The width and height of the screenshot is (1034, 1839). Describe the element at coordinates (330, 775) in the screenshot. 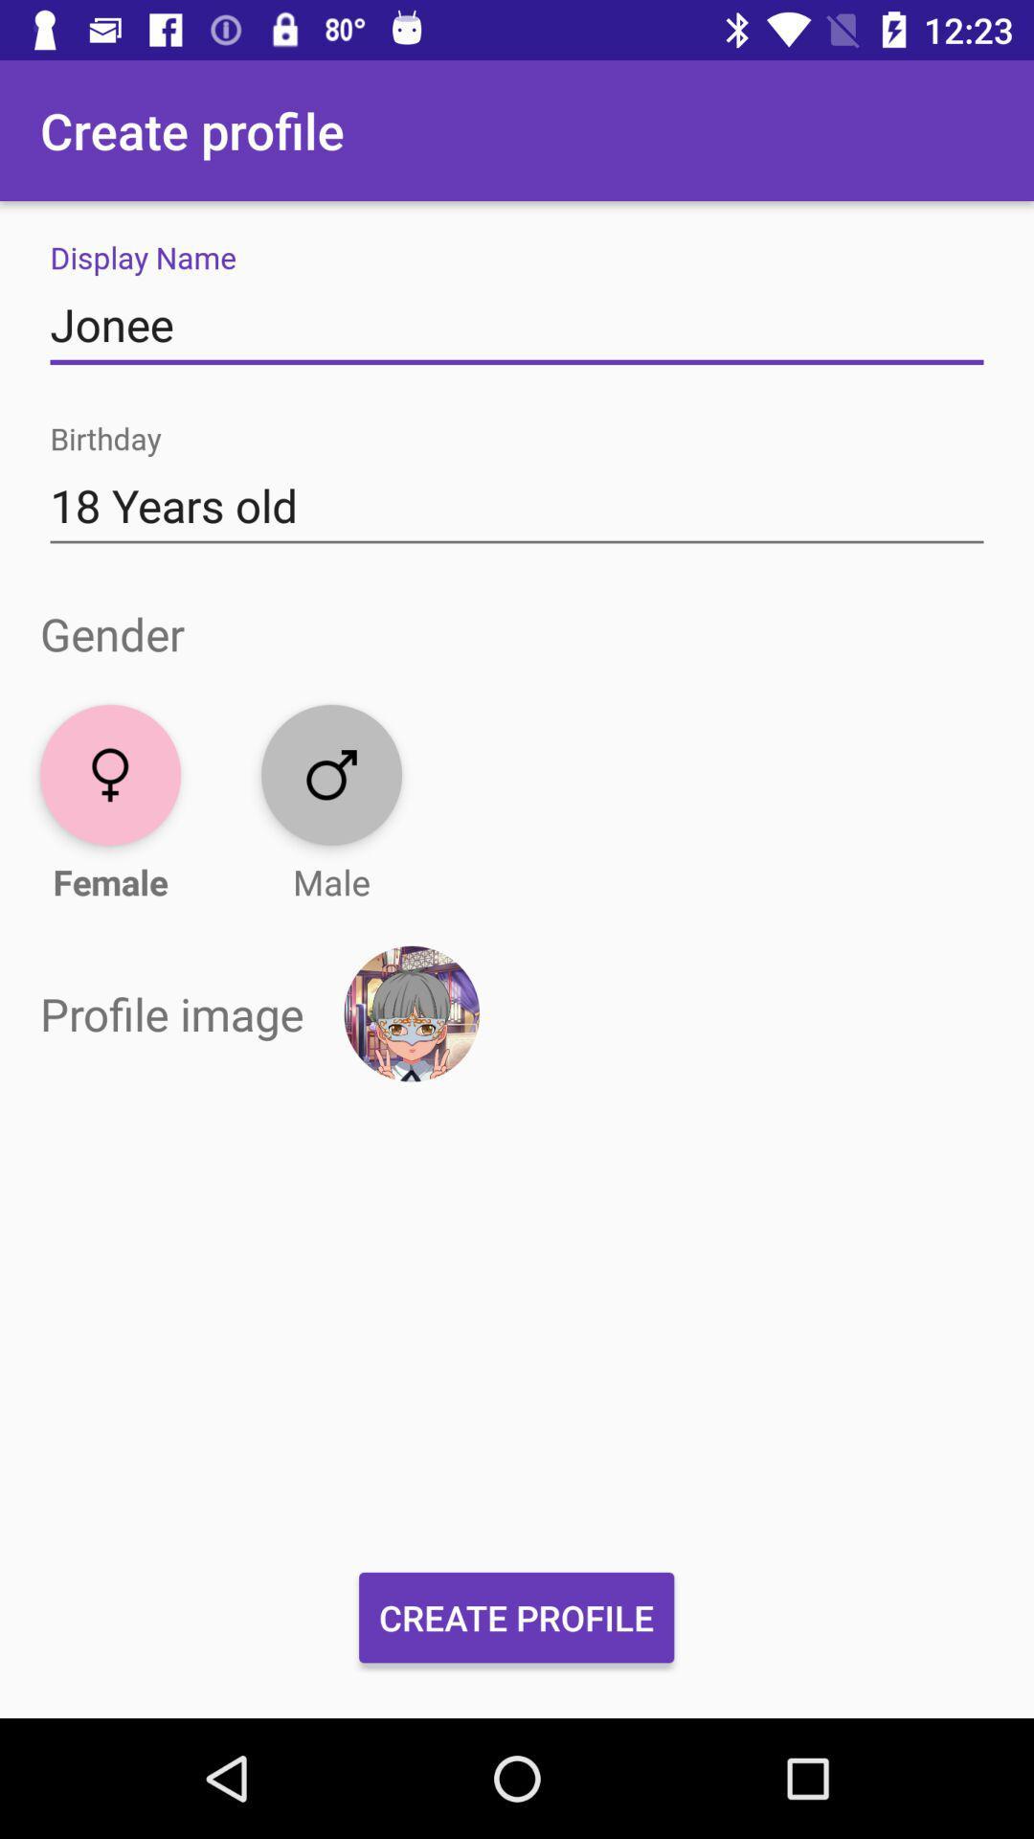

I see `male icon` at that location.